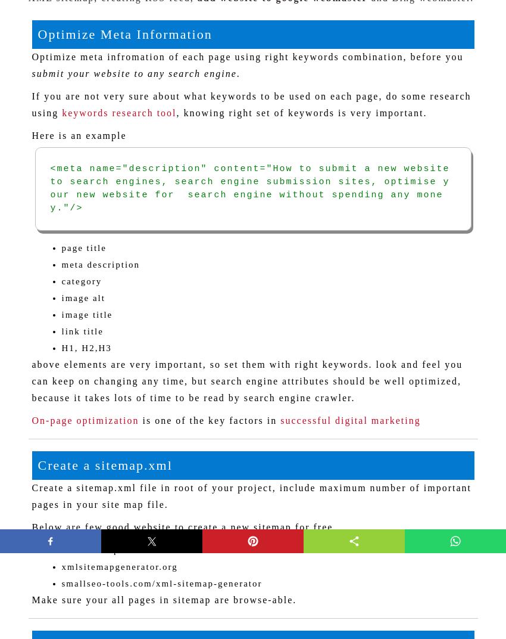 Image resolution: width=506 pixels, height=639 pixels. I want to click on 'image alt', so click(61, 297).